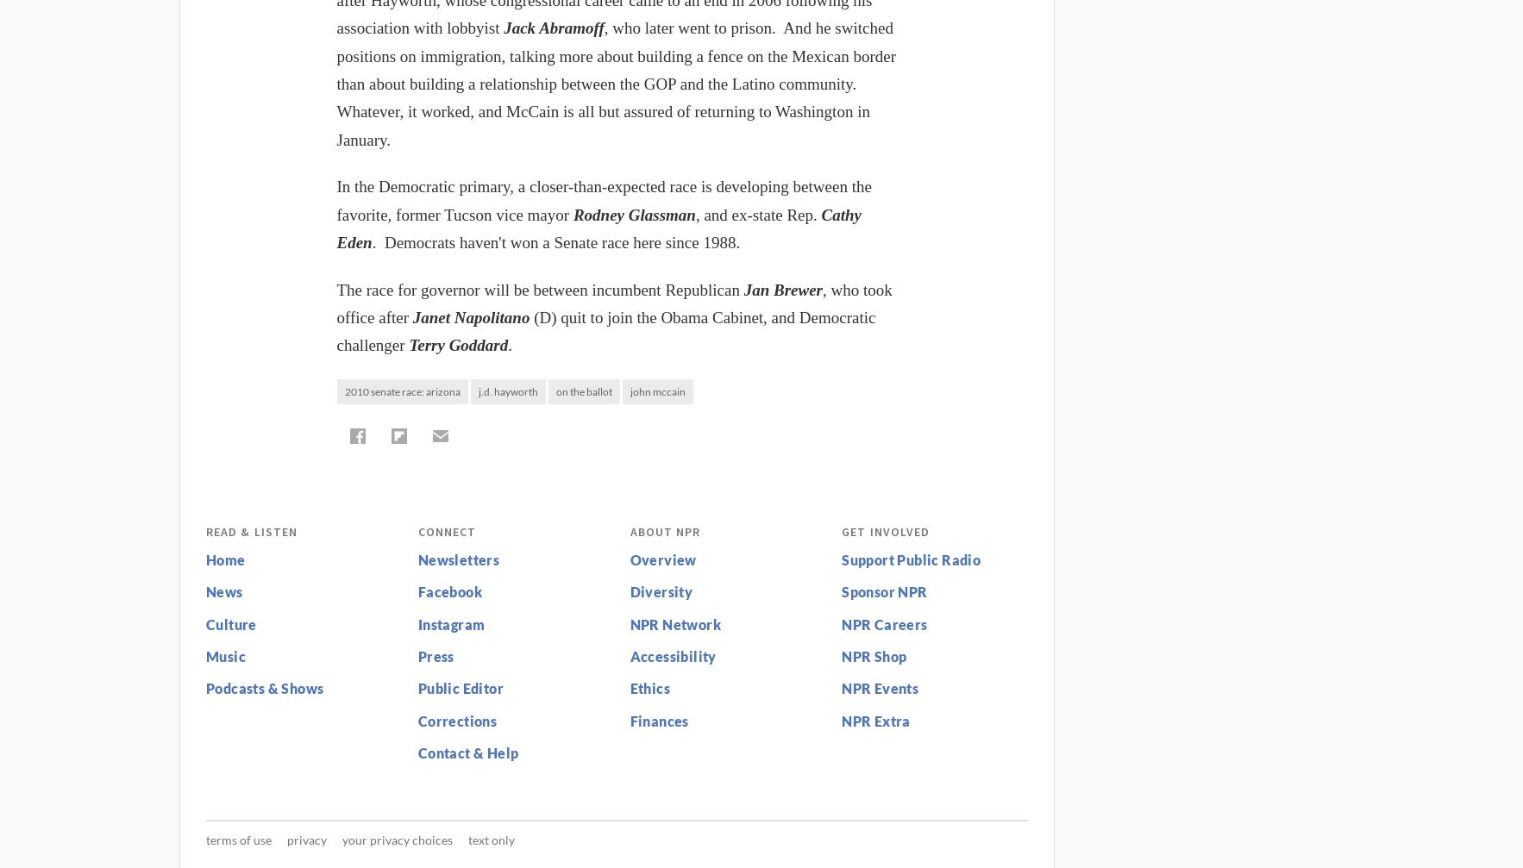  What do you see at coordinates (634, 214) in the screenshot?
I see `'Rodney Glassman'` at bounding box center [634, 214].